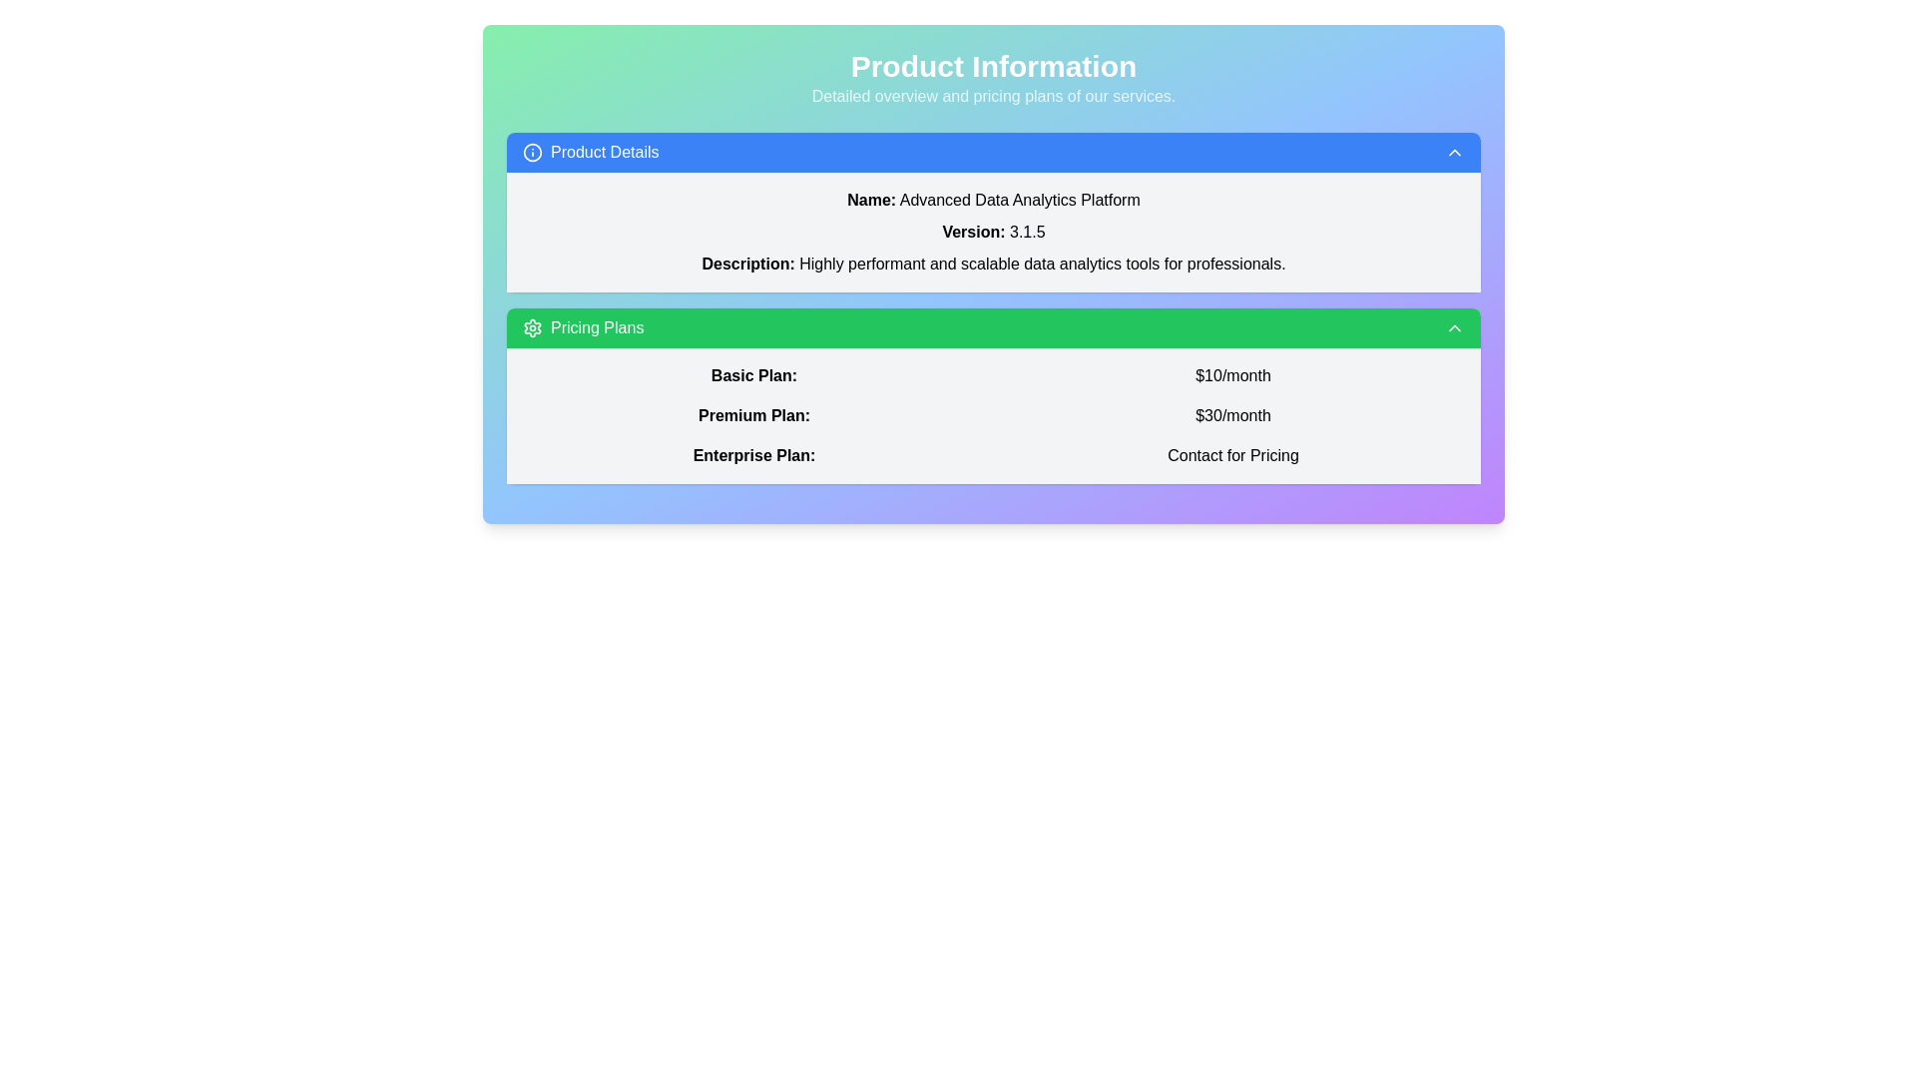 This screenshot has height=1078, width=1916. Describe the element at coordinates (532, 152) in the screenshot. I see `the info icon, a small circular SVG element styled with a thin outer circle enclosing the letter 'i', located to the left of 'Product Details' in the blue rectangular box under 'Product Information'` at that location.